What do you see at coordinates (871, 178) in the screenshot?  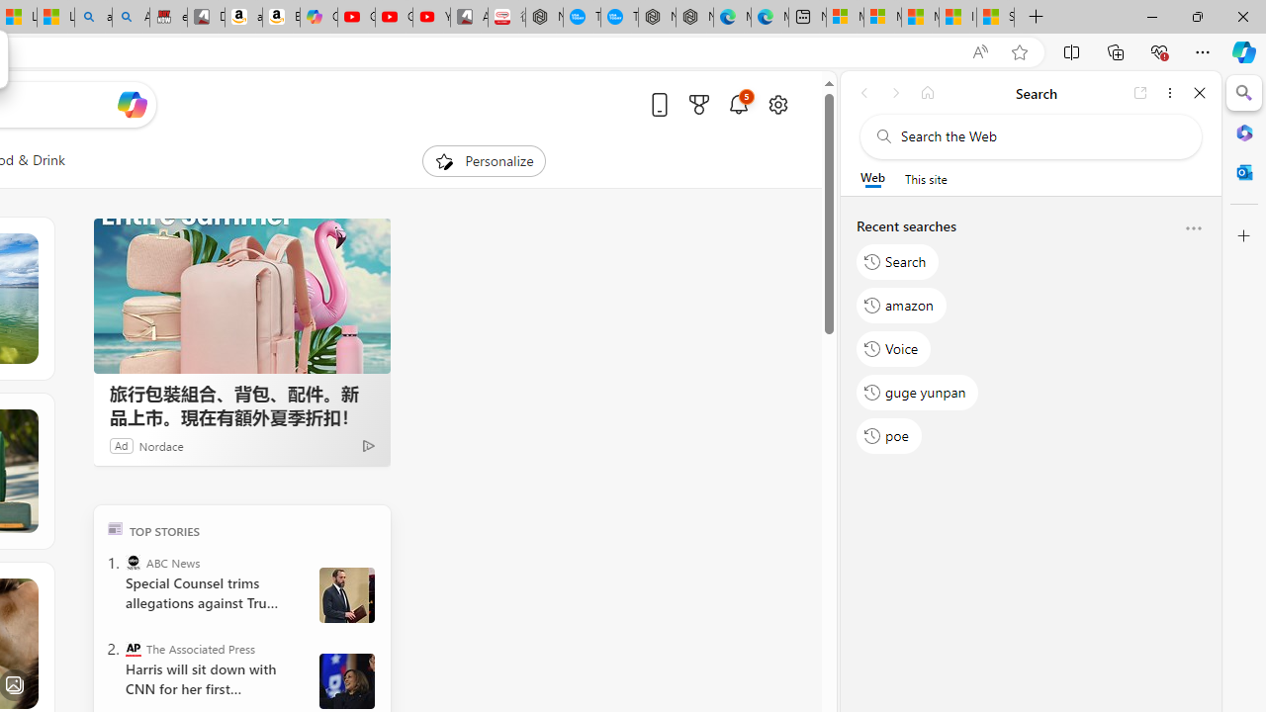 I see `'Web scope'` at bounding box center [871, 178].